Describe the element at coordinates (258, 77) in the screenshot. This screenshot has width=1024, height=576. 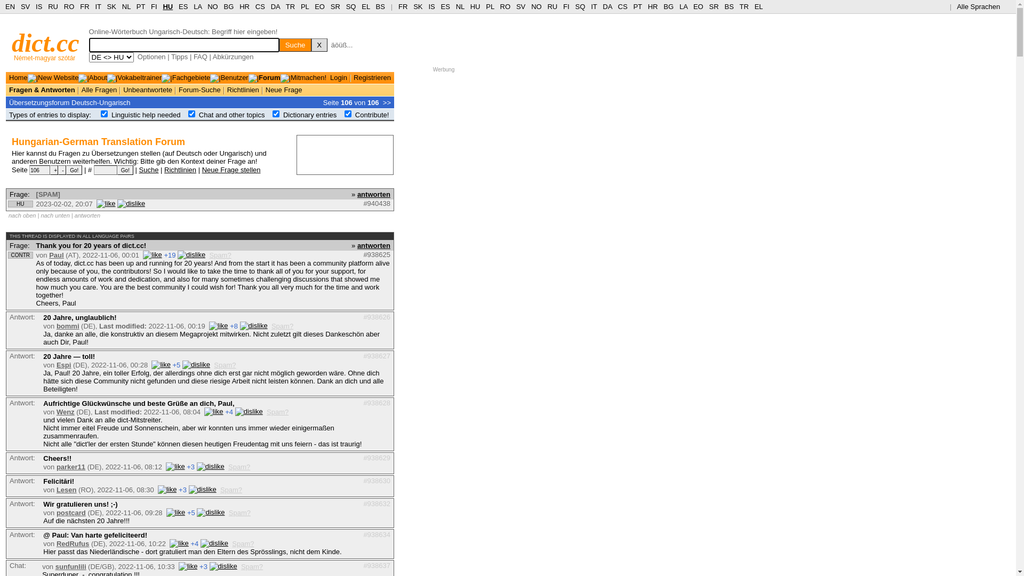
I see `'Forum'` at that location.